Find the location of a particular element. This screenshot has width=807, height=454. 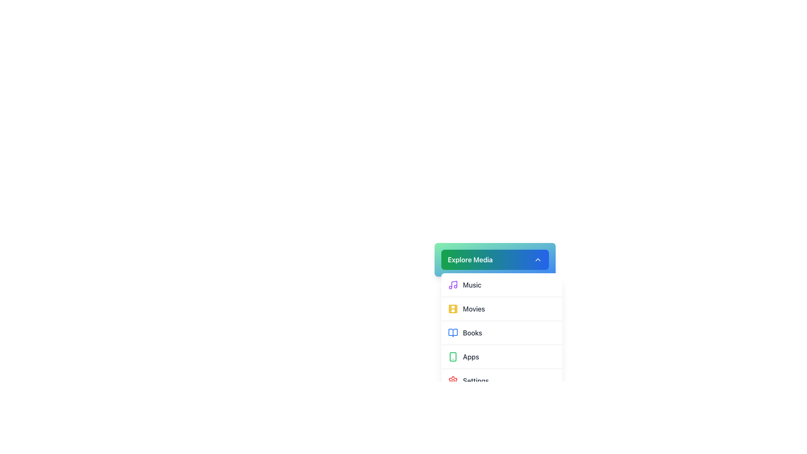

the filmstrip icon, which is yellow and located next to the text 'Movies' in the menu is located at coordinates (452, 309).